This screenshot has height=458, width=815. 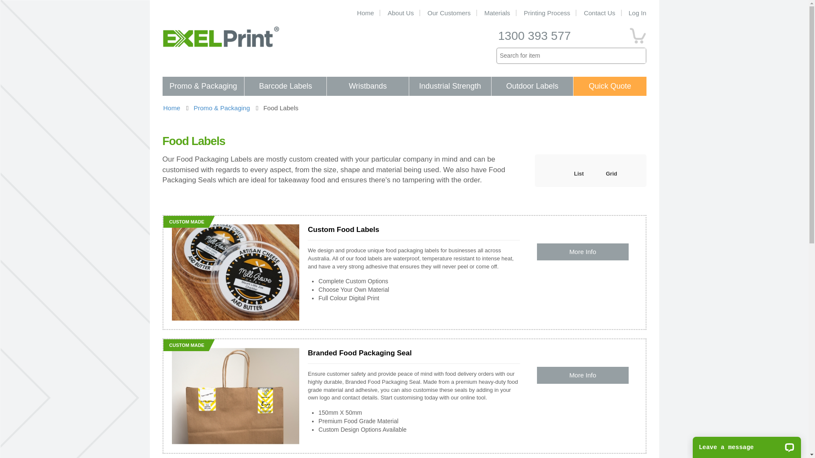 What do you see at coordinates (547, 13) in the screenshot?
I see `'Printing Process'` at bounding box center [547, 13].